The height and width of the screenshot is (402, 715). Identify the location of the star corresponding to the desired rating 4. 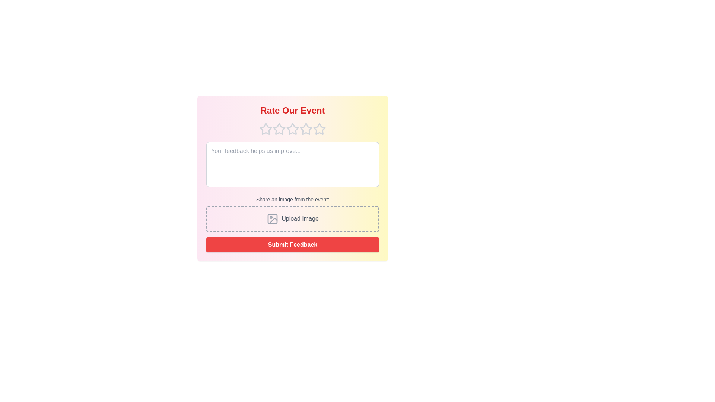
(306, 129).